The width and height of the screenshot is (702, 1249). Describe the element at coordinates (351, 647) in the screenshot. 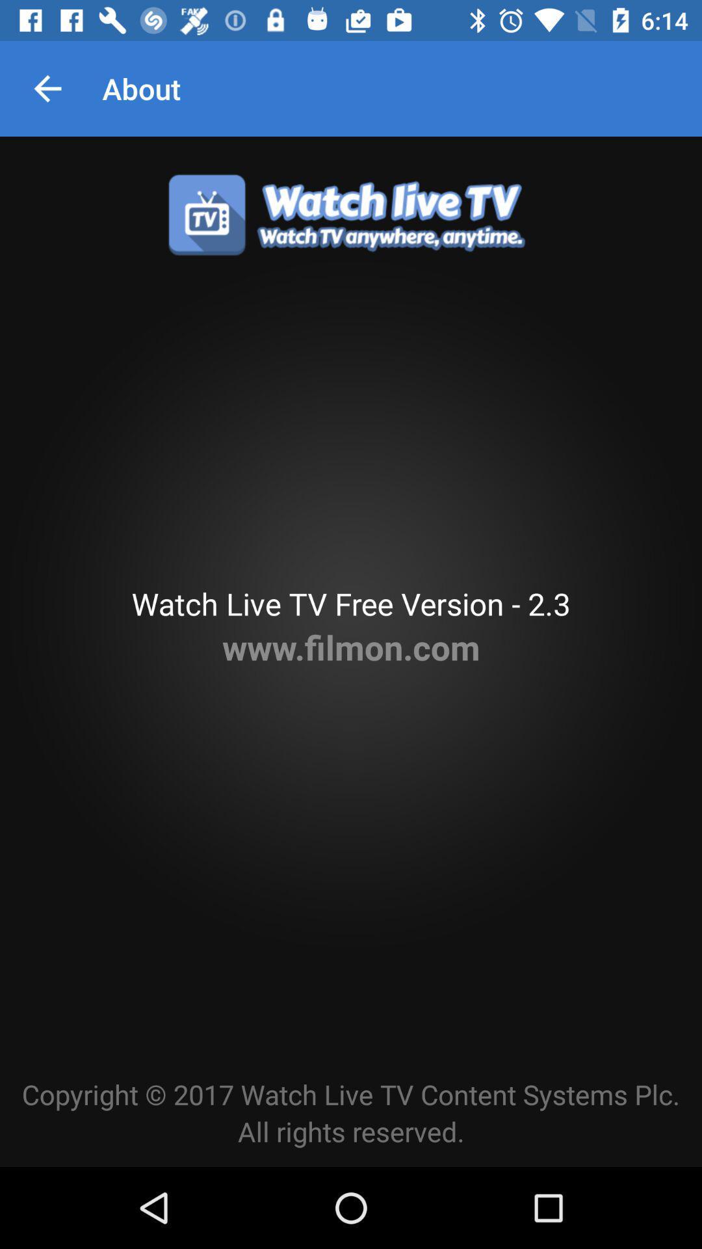

I see `item above copyright 2017 watch item` at that location.